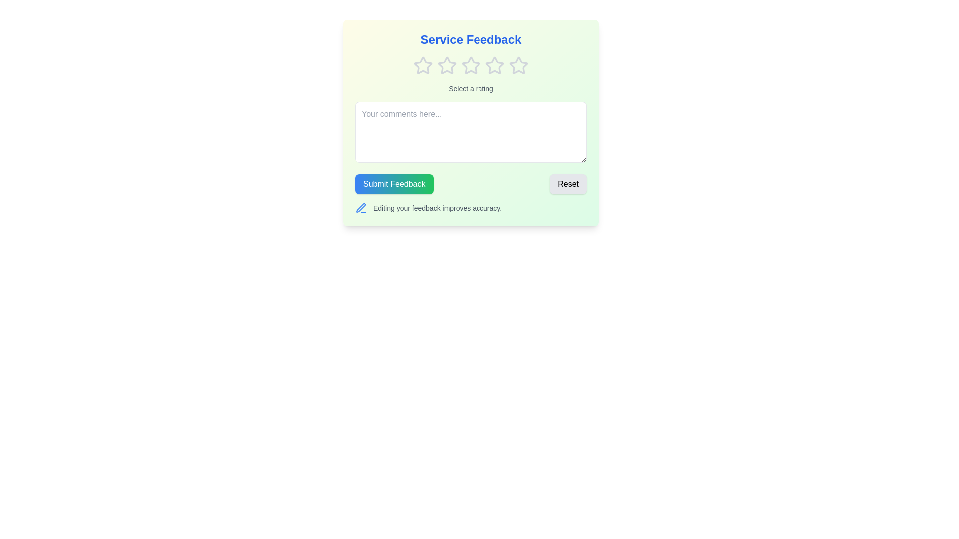 The height and width of the screenshot is (539, 959). What do you see at coordinates (423, 65) in the screenshot?
I see `the first star icon in the row of five star icons` at bounding box center [423, 65].